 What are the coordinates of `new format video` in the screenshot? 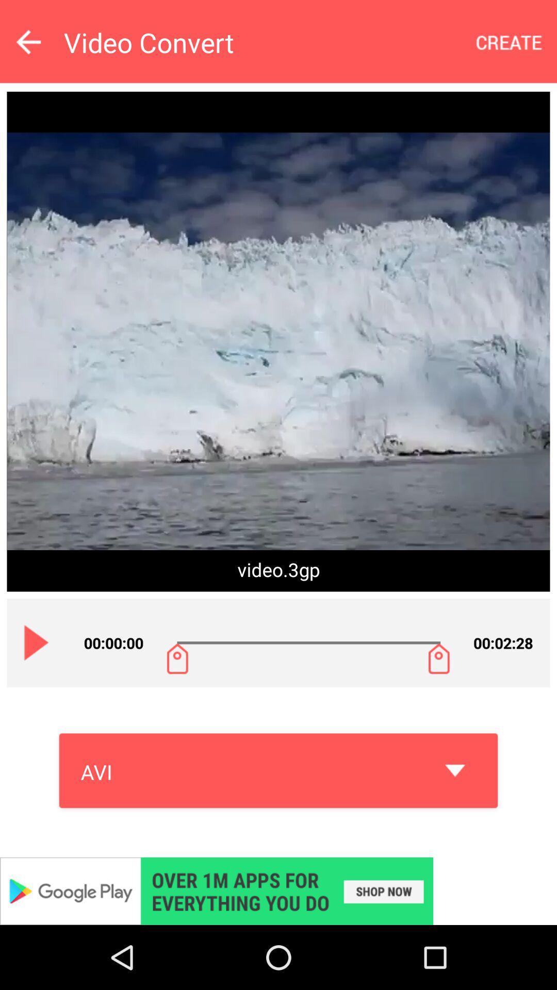 It's located at (509, 42).